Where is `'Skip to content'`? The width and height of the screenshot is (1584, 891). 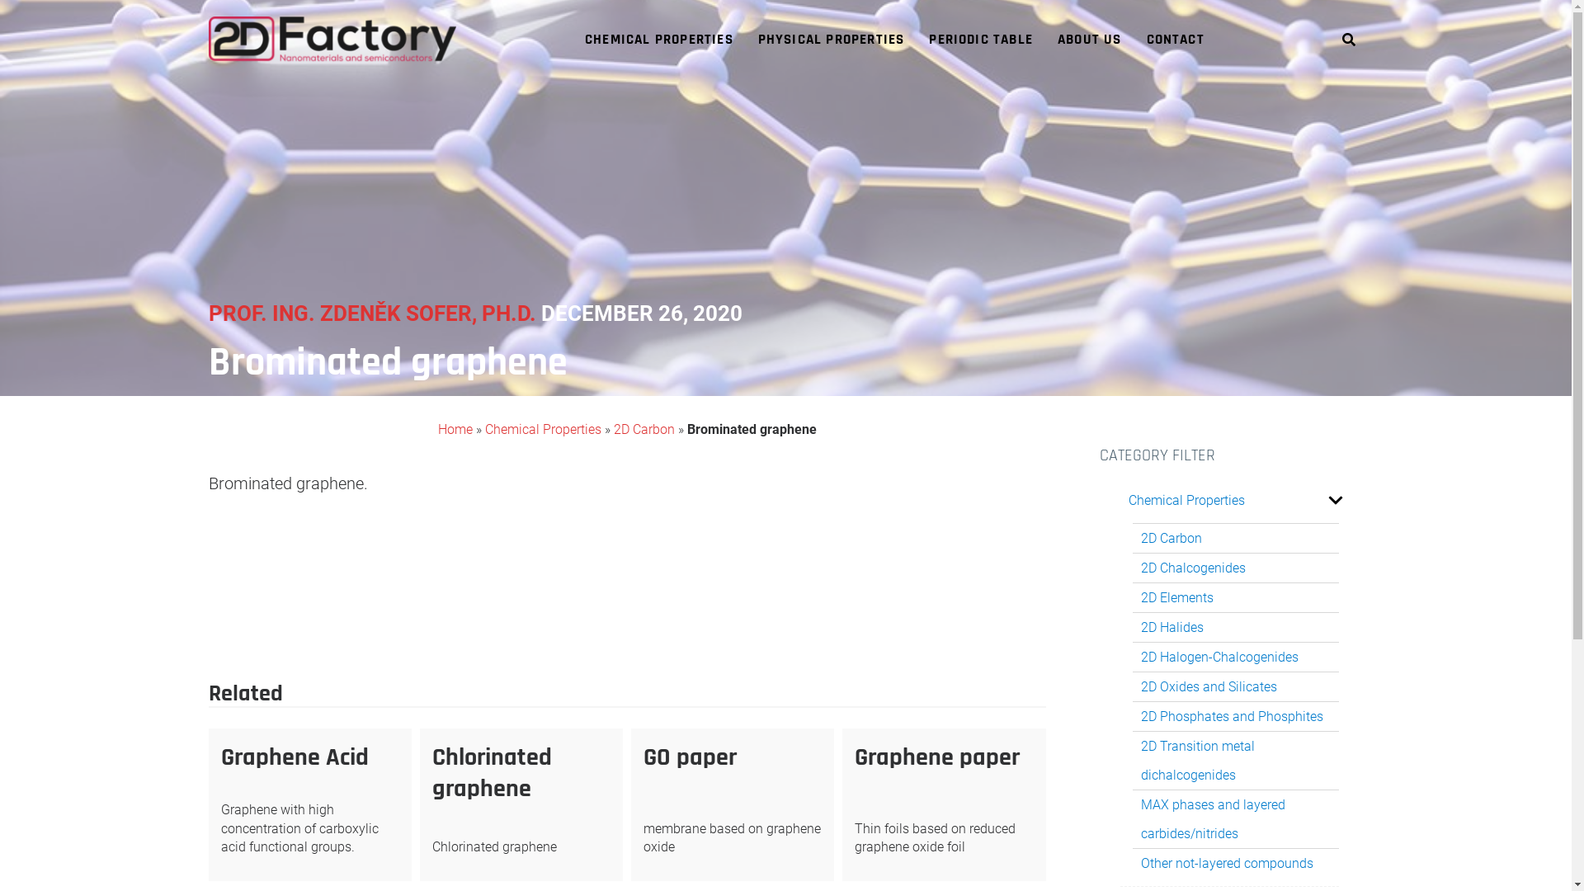
'Skip to content' is located at coordinates (0, 0).